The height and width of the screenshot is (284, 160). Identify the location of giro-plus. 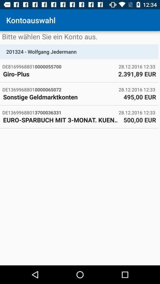
(59, 74).